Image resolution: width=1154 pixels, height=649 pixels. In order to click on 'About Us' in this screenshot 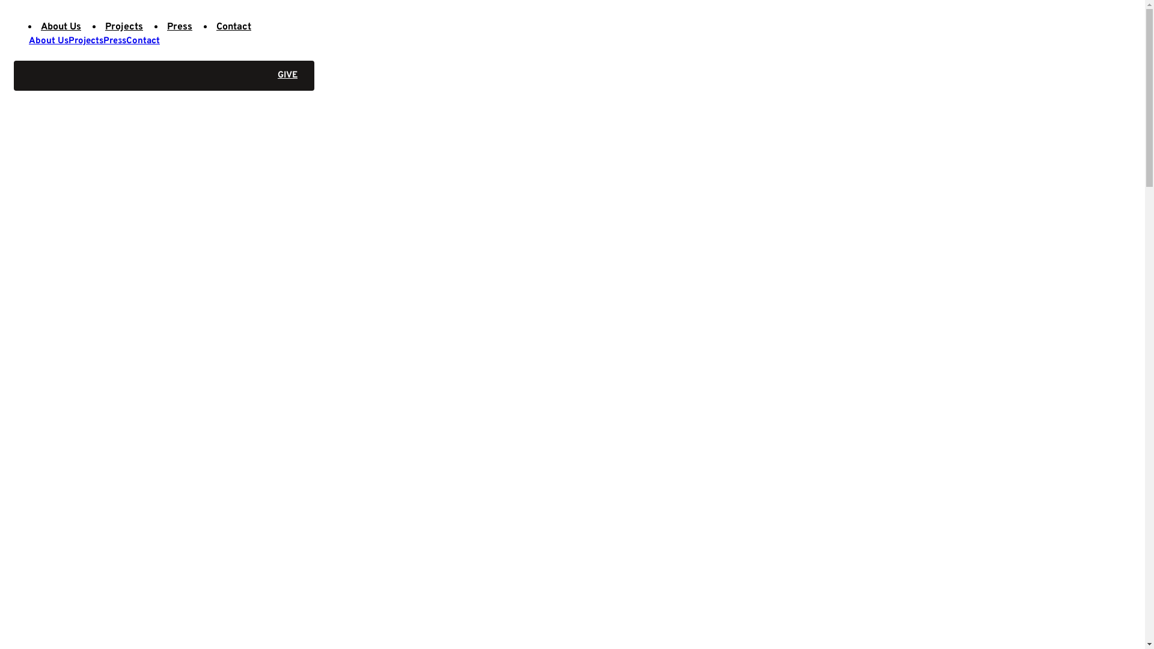, I will do `click(60, 27)`.